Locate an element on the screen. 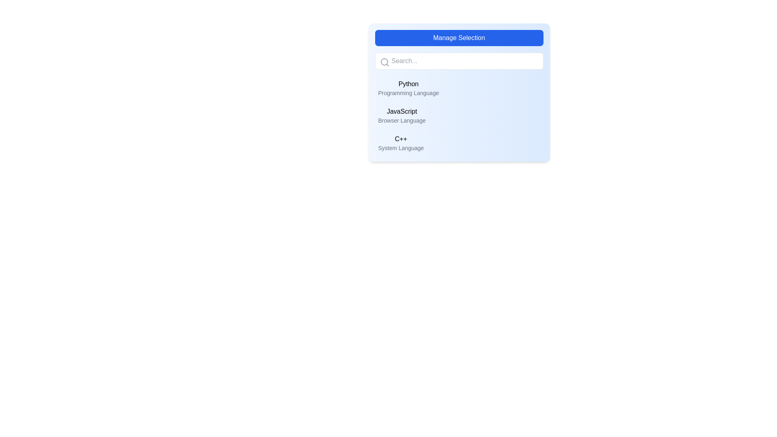 The image size is (777, 437). the text label element displaying 'Programming Language' which is styled in gray font and positioned below 'Python' is located at coordinates (408, 93).